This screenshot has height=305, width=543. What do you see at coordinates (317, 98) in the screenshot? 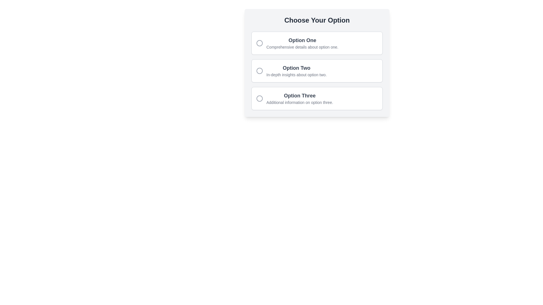
I see `the third selectable card with a radio button in the vertical list to trigger the hover state` at bounding box center [317, 98].